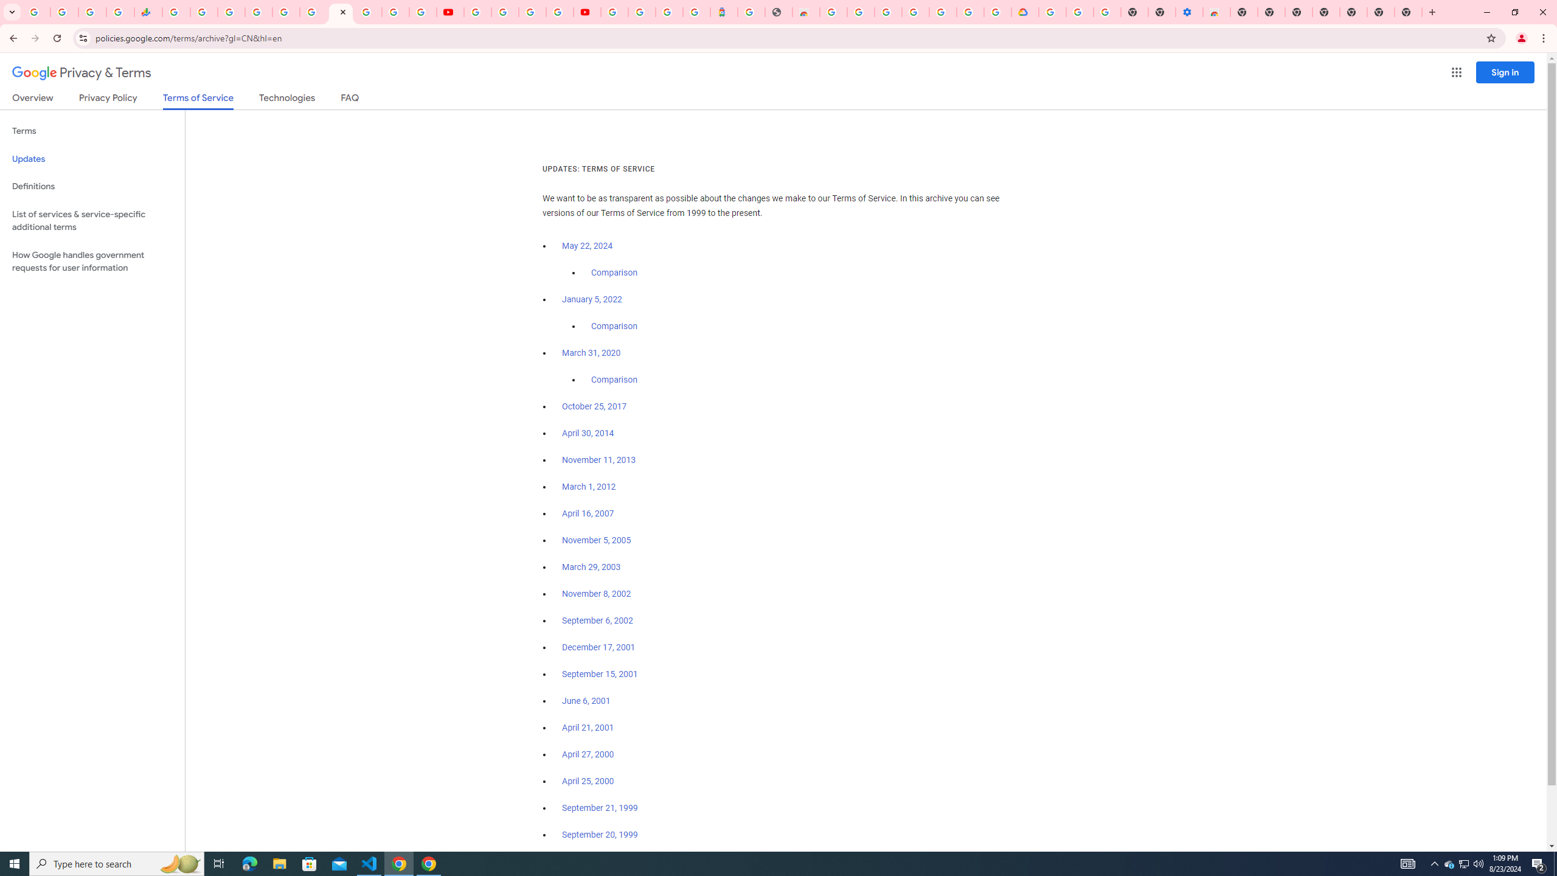 Image resolution: width=1557 pixels, height=876 pixels. What do you see at coordinates (92, 220) in the screenshot?
I see `'List of services & service-specific additional terms'` at bounding box center [92, 220].